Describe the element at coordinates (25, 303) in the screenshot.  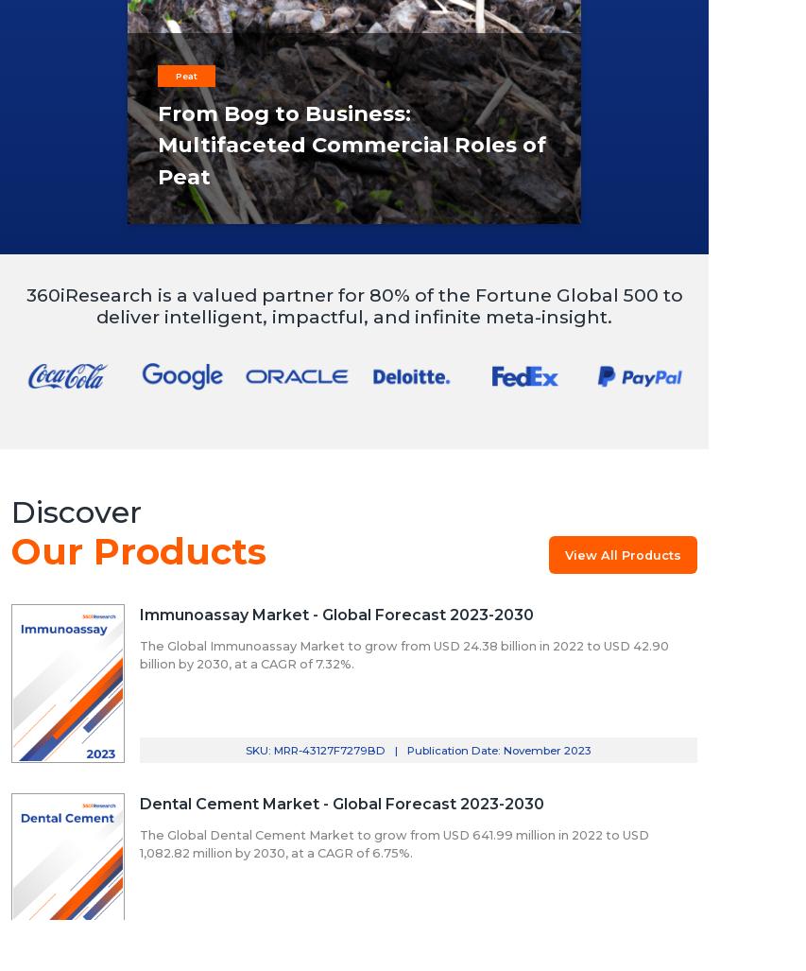
I see `'360iResearch is a valued partner for 80% of the Fortune Global 500 to deliver intelligent, impactful, and infinite meta-insight.'` at that location.